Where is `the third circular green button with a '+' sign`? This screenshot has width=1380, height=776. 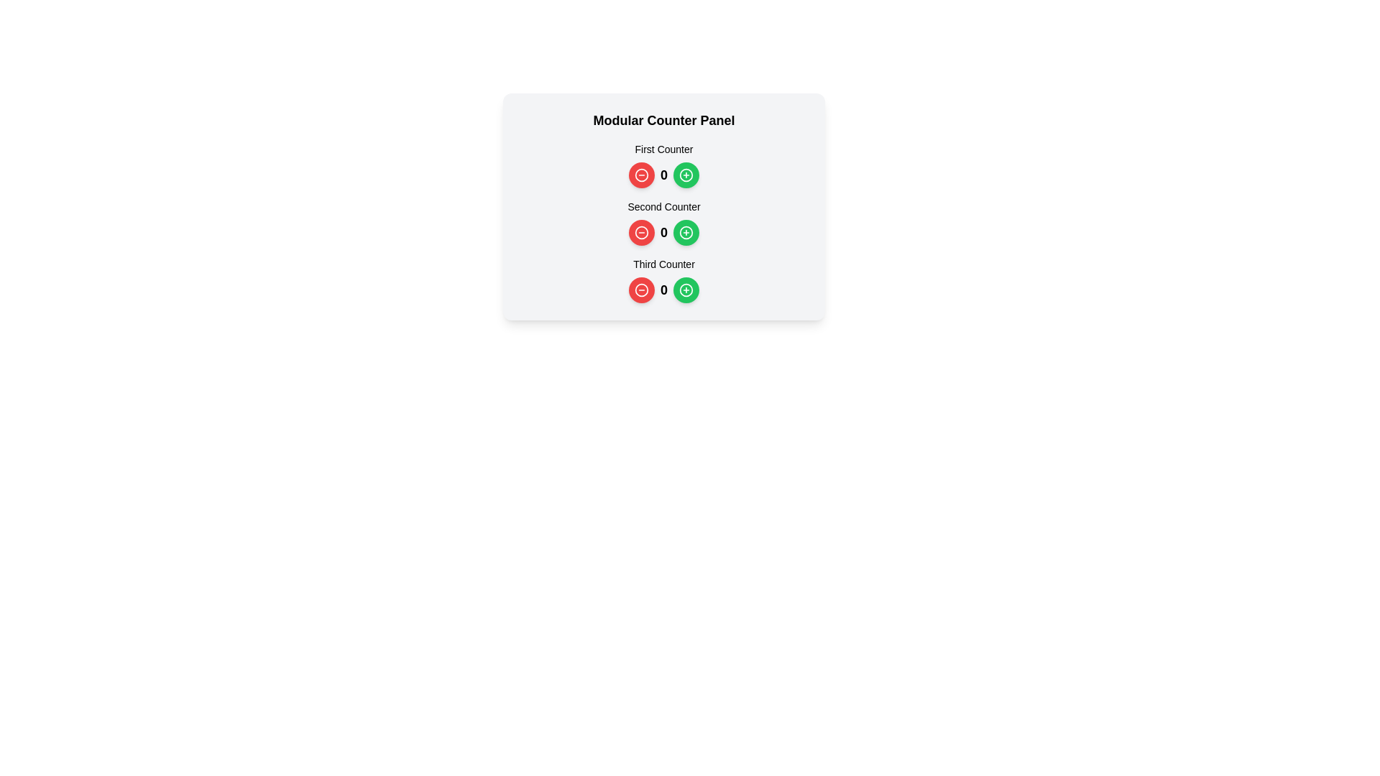 the third circular green button with a '+' sign is located at coordinates (686, 290).